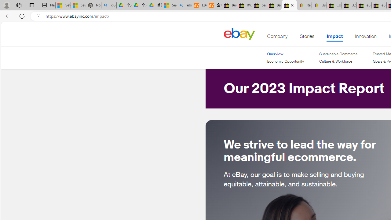  Describe the element at coordinates (338, 61) in the screenshot. I see `'Culture & Workforce'` at that location.